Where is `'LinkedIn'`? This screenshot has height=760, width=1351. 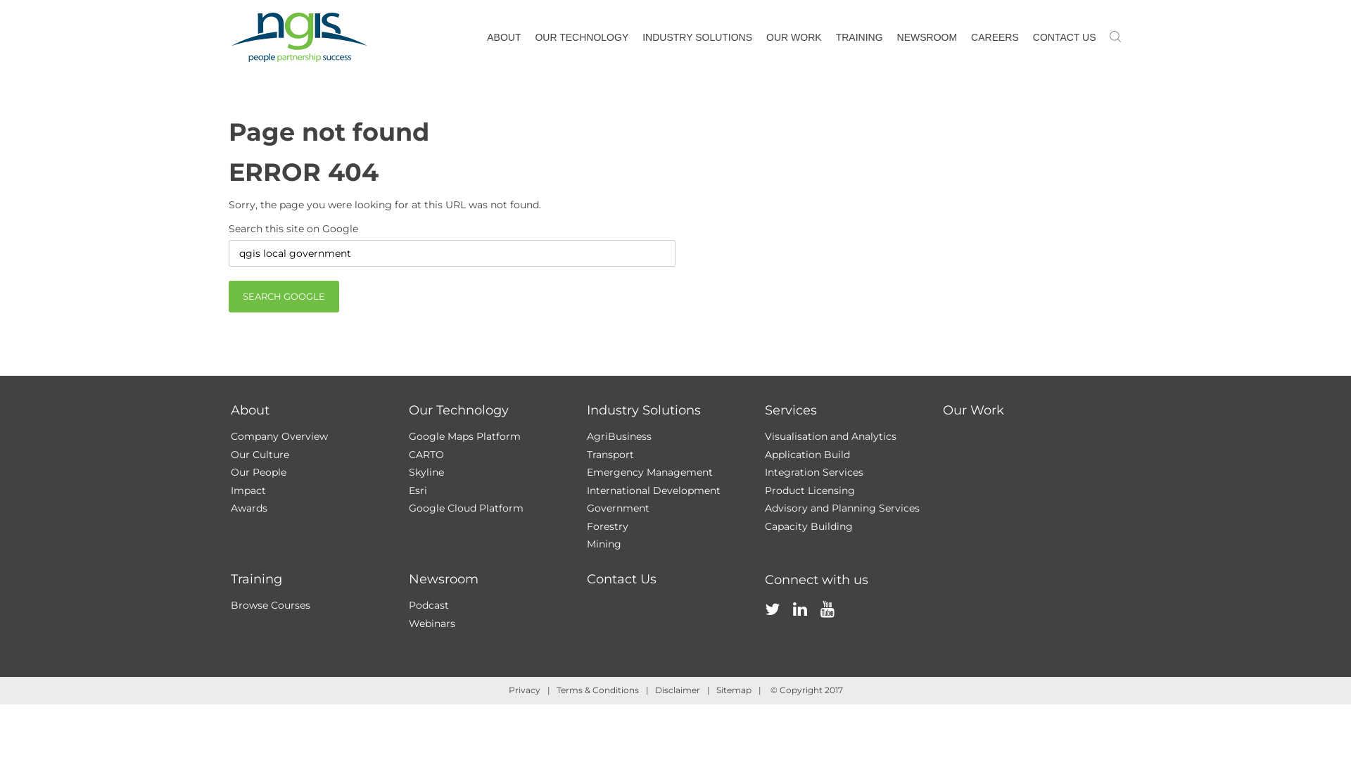
'LinkedIn' is located at coordinates (799, 623).